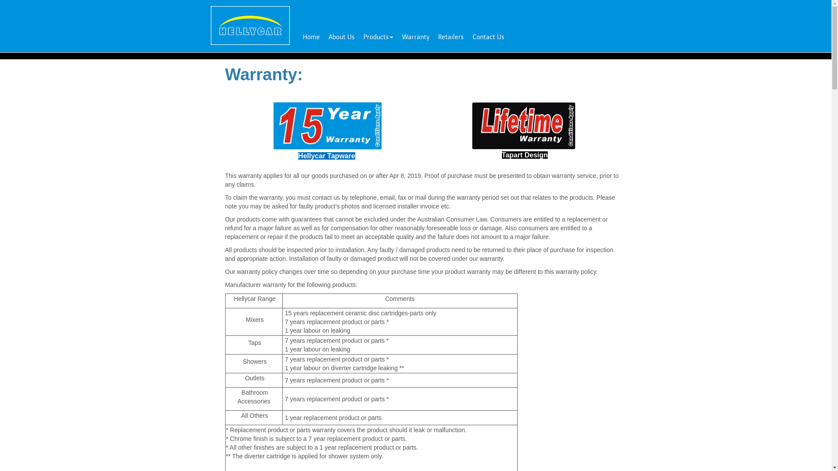 This screenshot has height=471, width=838. Describe the element at coordinates (451, 36) in the screenshot. I see `'Retailers'` at that location.